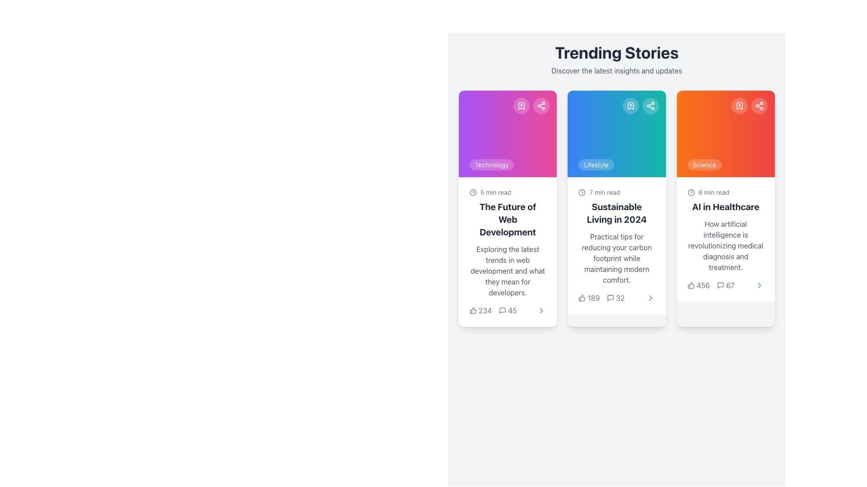 The image size is (867, 487). Describe the element at coordinates (582, 298) in the screenshot. I see `the thumbs-up icon, which is a graphical representation of approval, located in the bottom-left segment of the second card in a triplet of cards` at that location.